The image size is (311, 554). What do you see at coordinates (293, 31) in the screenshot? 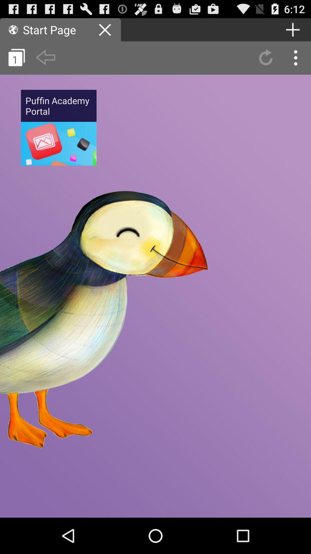
I see `the add icon` at bounding box center [293, 31].